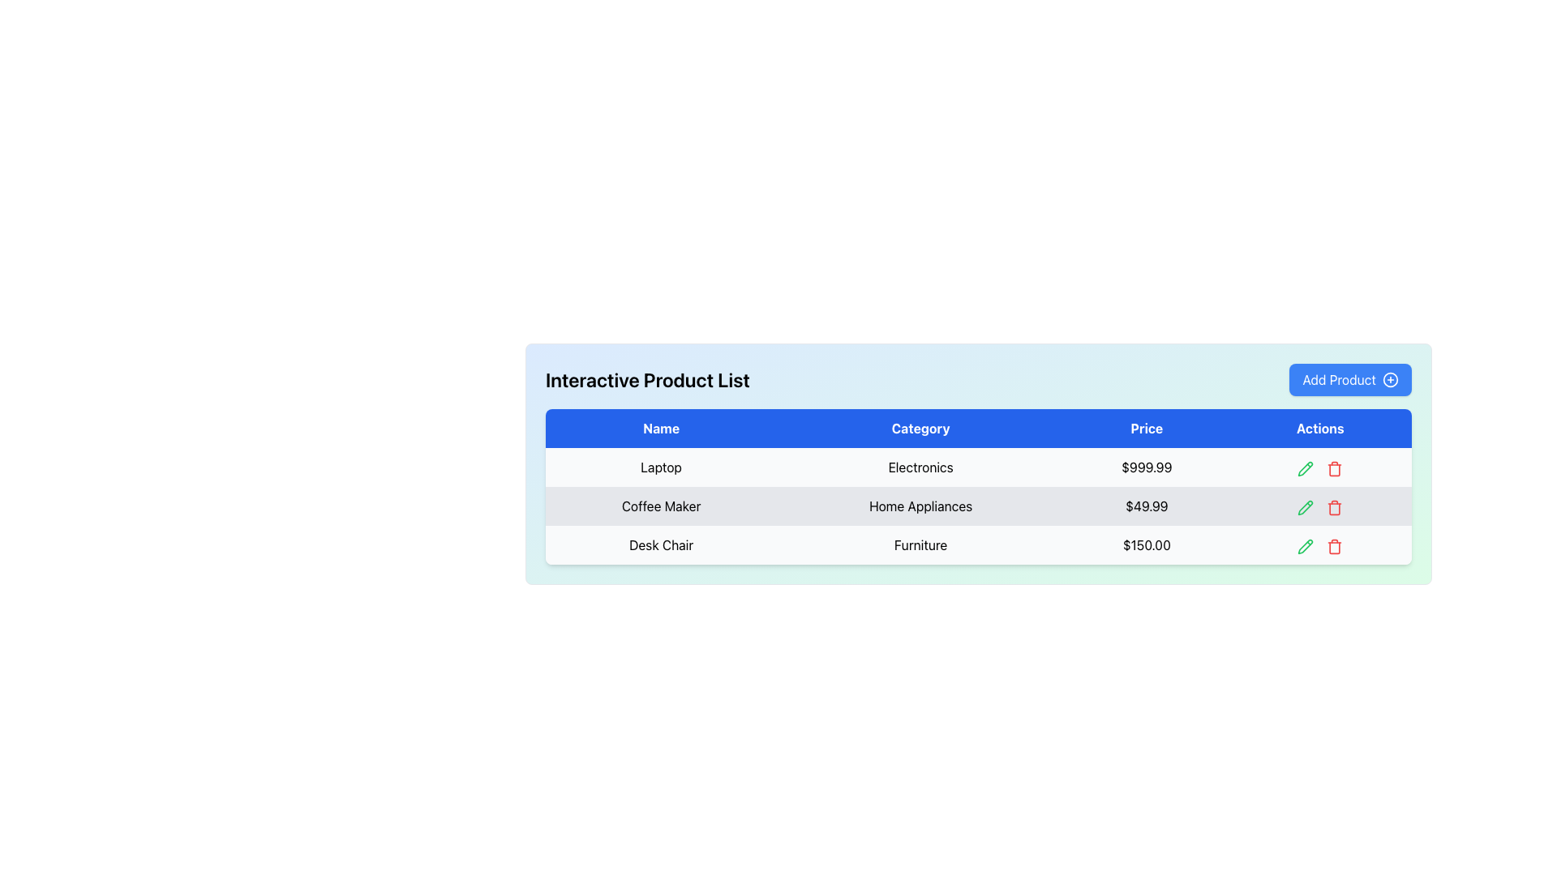 The width and height of the screenshot is (1557, 875). I want to click on the first row of the product table displaying details about a Laptop, which includes the columns 'Name', 'Category', and 'Price', so click(977, 467).